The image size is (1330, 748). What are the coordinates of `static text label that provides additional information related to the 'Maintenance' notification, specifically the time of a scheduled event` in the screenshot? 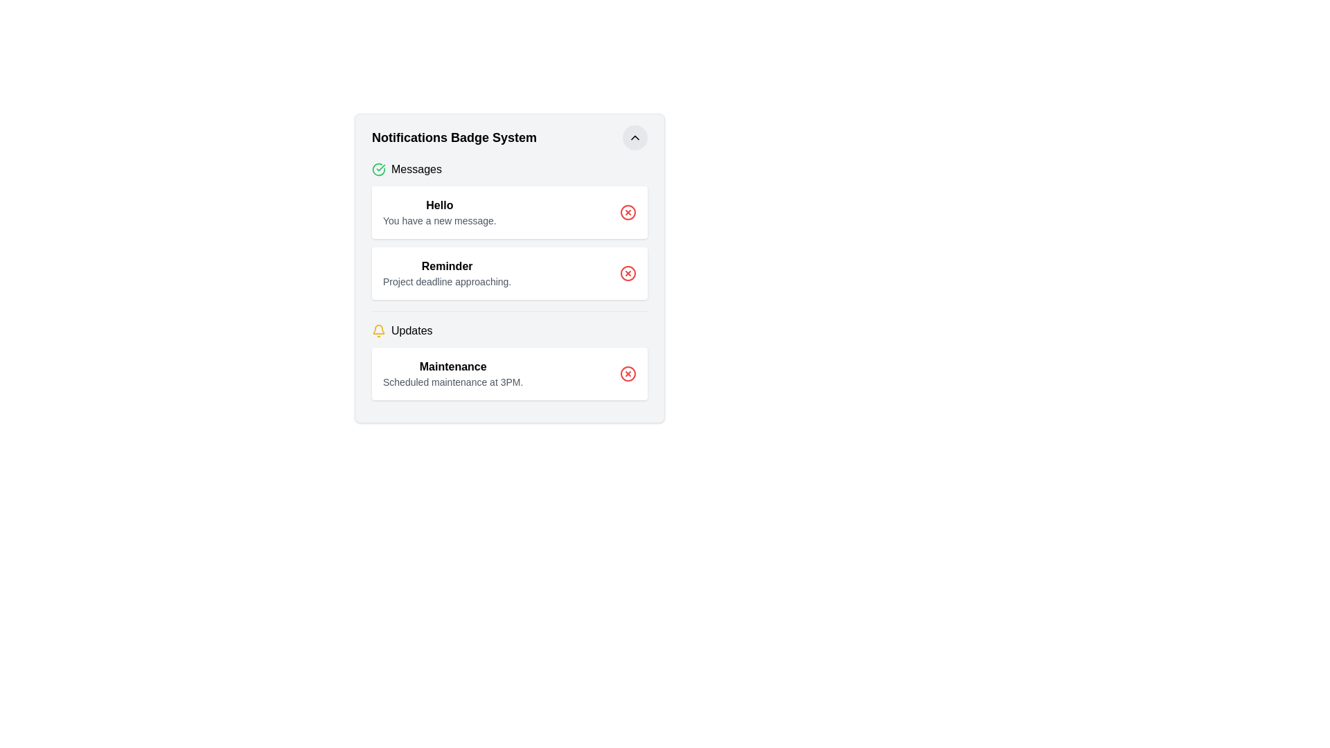 It's located at (453, 382).